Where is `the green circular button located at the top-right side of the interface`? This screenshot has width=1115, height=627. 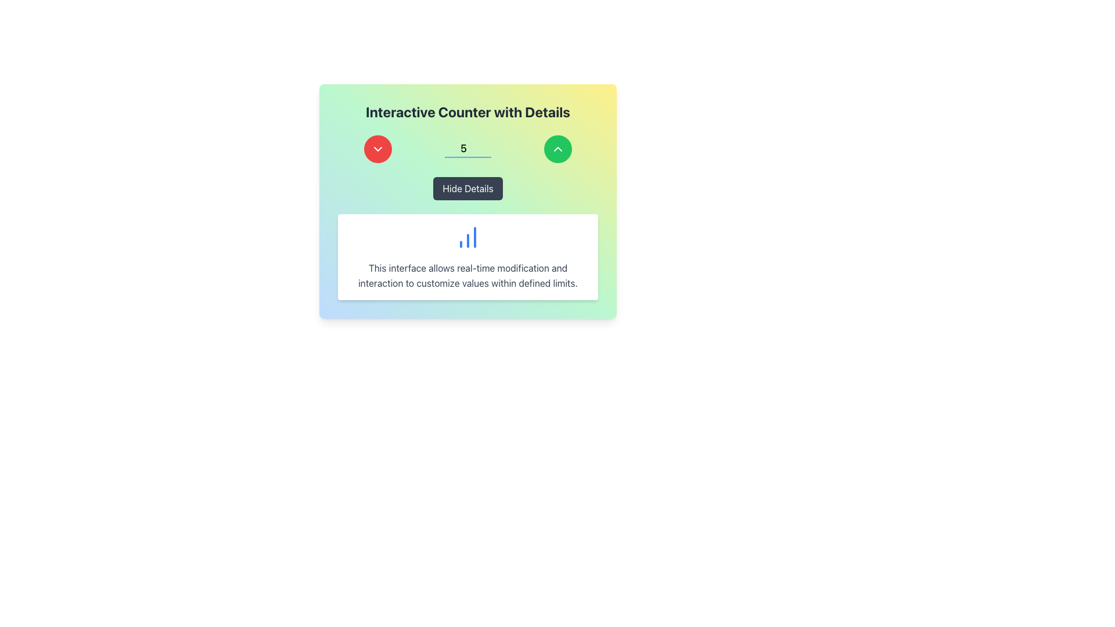 the green circular button located at the top-right side of the interface is located at coordinates (557, 149).